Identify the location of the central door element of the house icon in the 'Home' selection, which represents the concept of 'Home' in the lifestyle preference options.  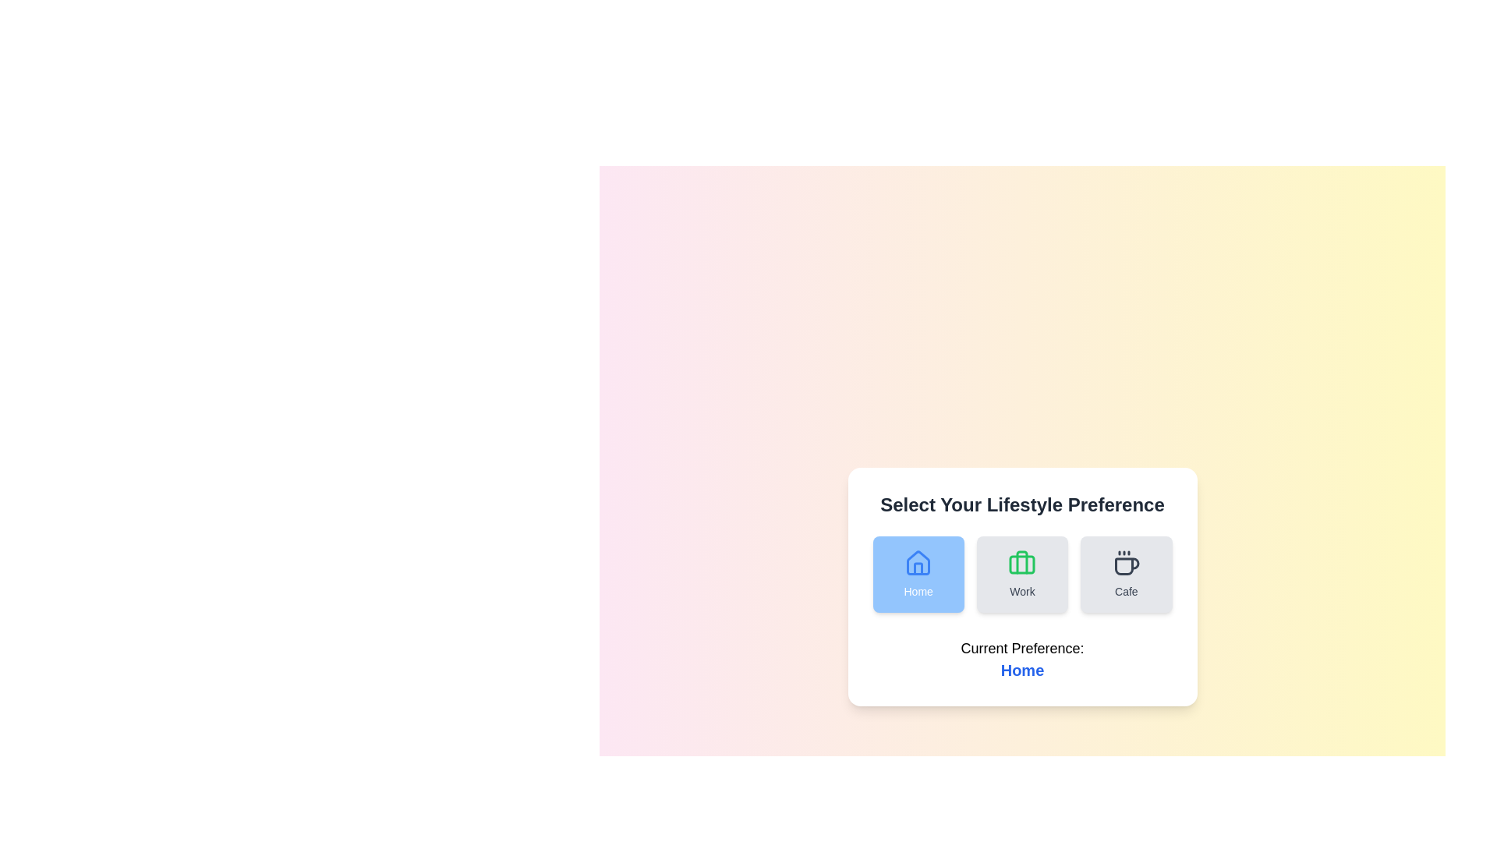
(918, 568).